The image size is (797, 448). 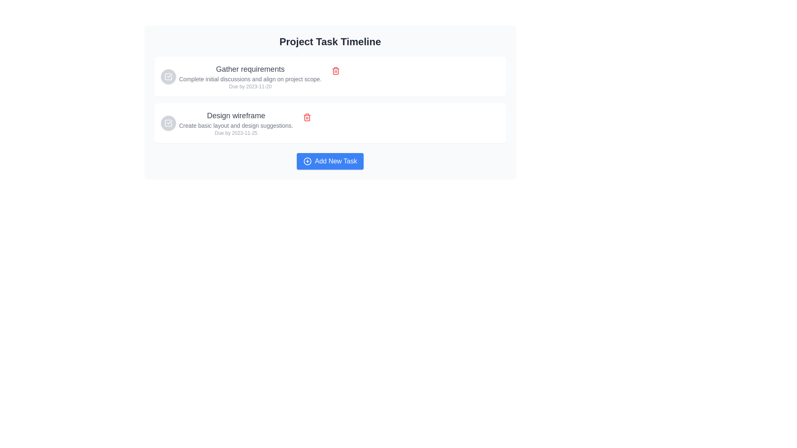 What do you see at coordinates (307, 117) in the screenshot?
I see `the delete button located in the upper right corner of the task card titled 'Design wireframe'` at bounding box center [307, 117].